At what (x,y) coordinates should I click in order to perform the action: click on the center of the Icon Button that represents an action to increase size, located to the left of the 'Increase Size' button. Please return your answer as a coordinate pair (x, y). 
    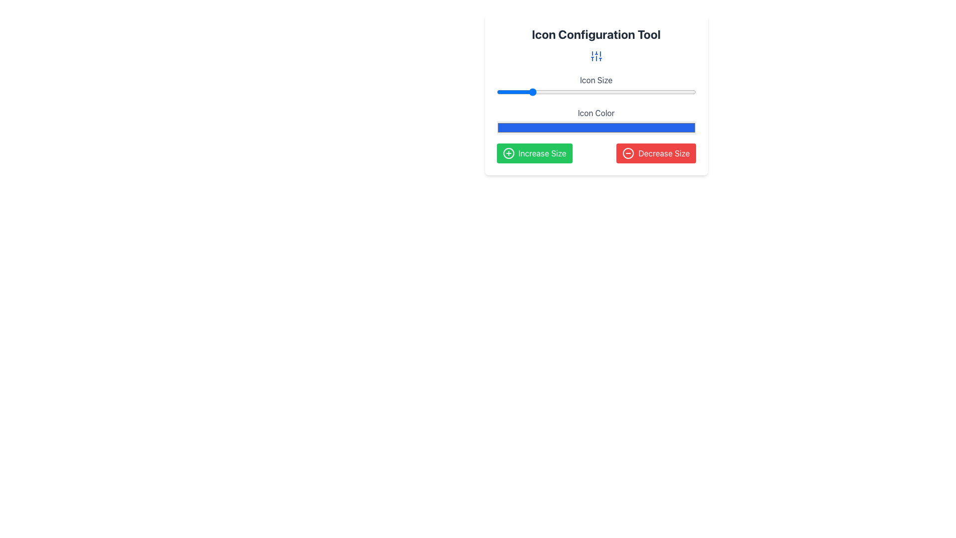
    Looking at the image, I should click on (508, 153).